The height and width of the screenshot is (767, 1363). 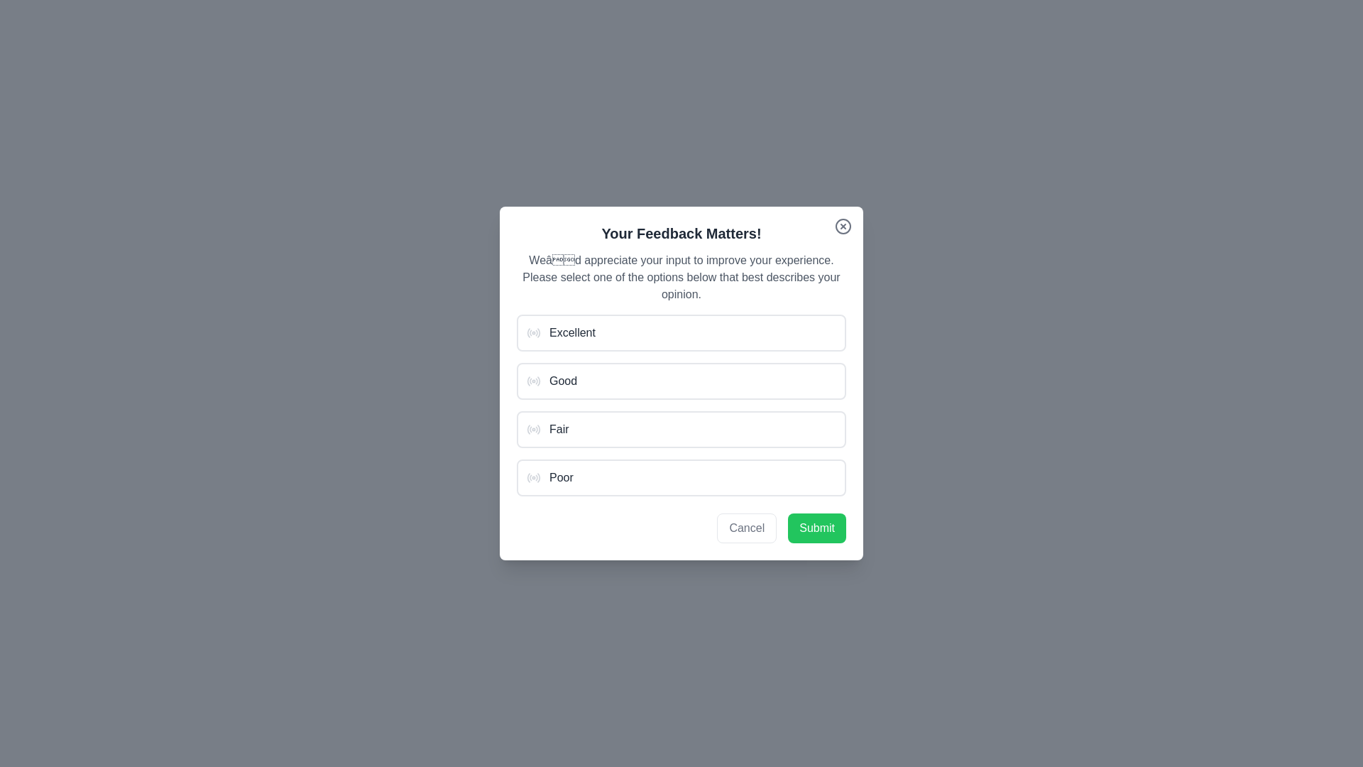 I want to click on the option 'Good' from the list, so click(x=681, y=380).